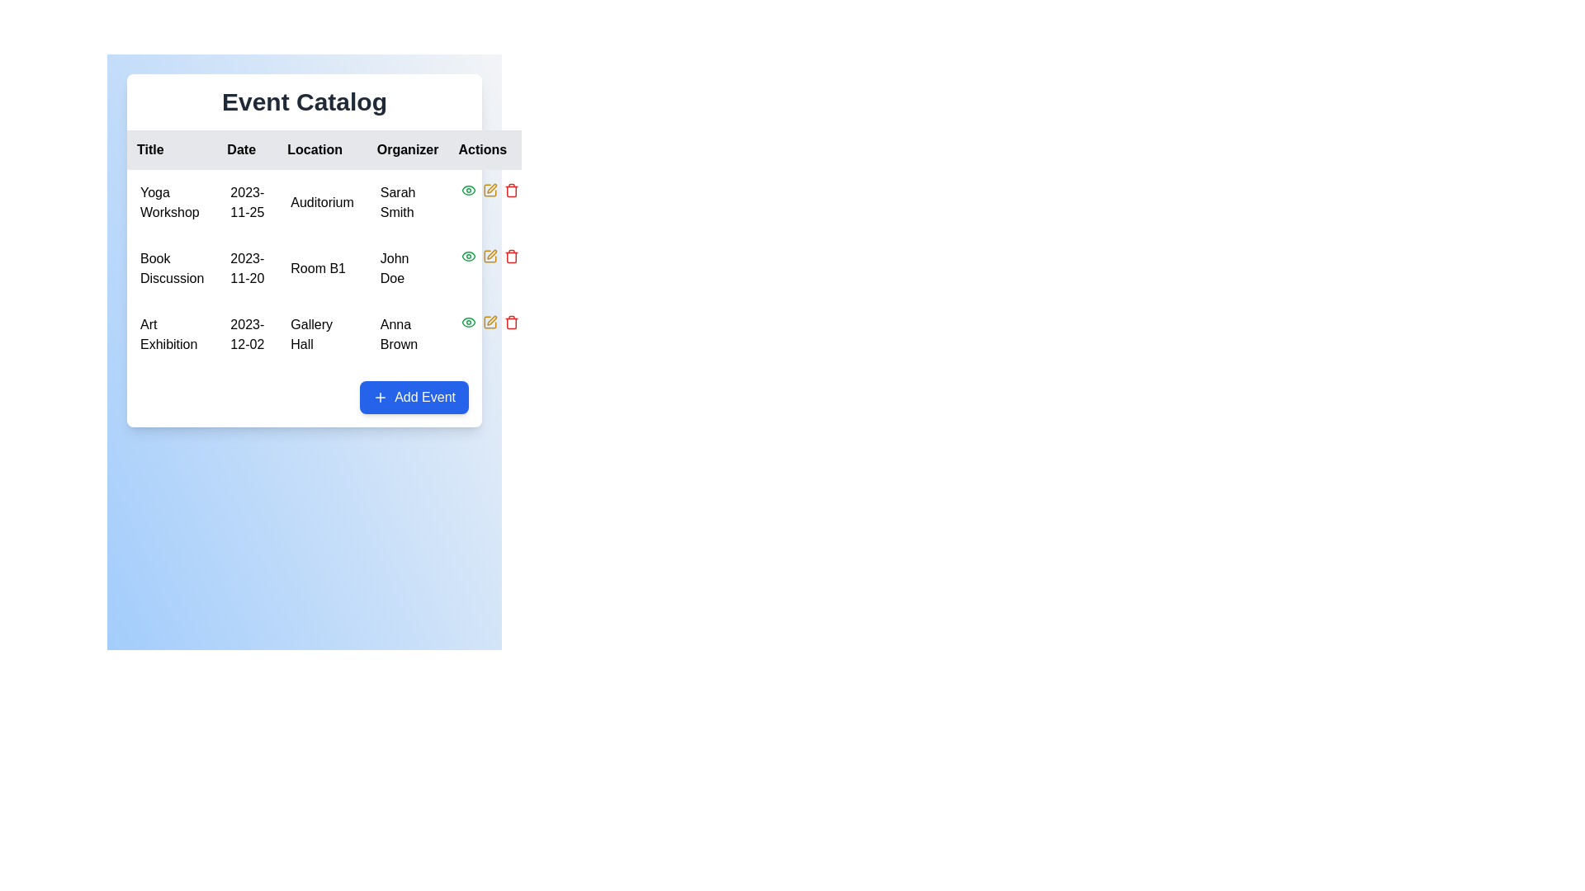 Image resolution: width=1585 pixels, height=891 pixels. What do you see at coordinates (468, 257) in the screenshot?
I see `the eye-shaped icon in the last column of the 'Art Exhibition' row in the 'Actions' section of the table` at bounding box center [468, 257].